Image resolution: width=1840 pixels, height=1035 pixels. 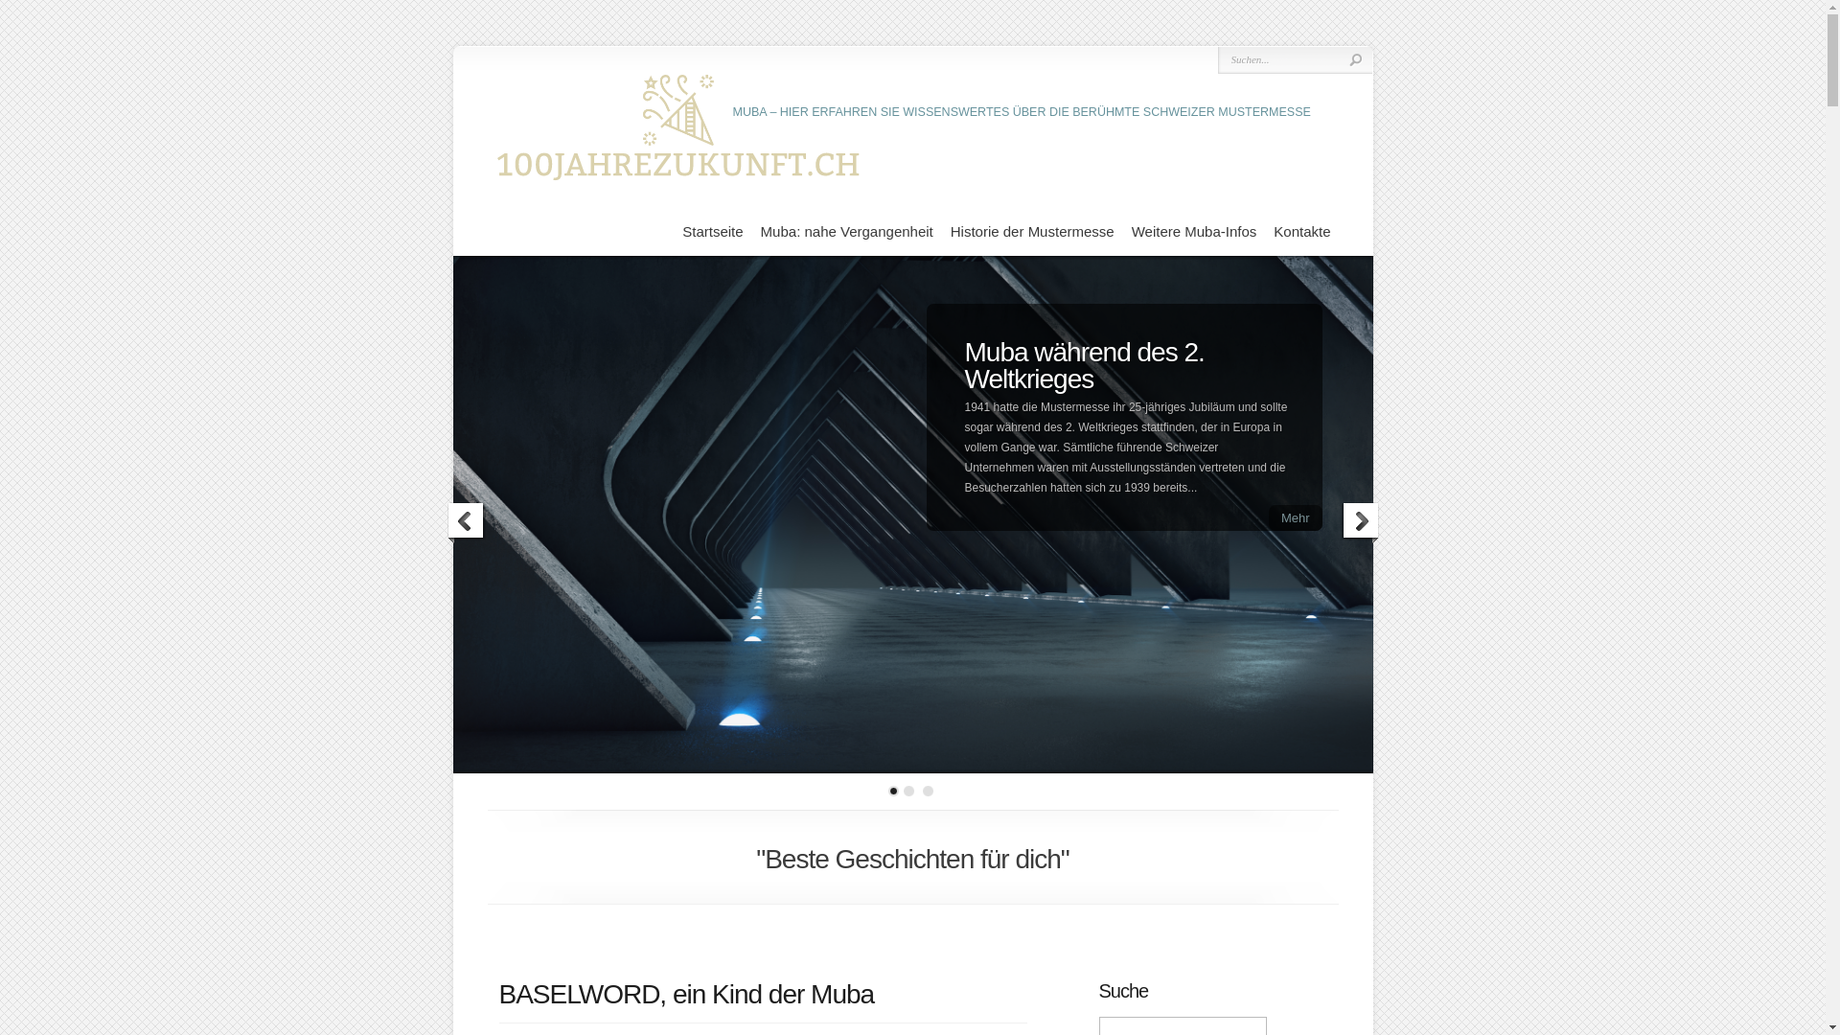 I want to click on '1', so click(x=892, y=791).